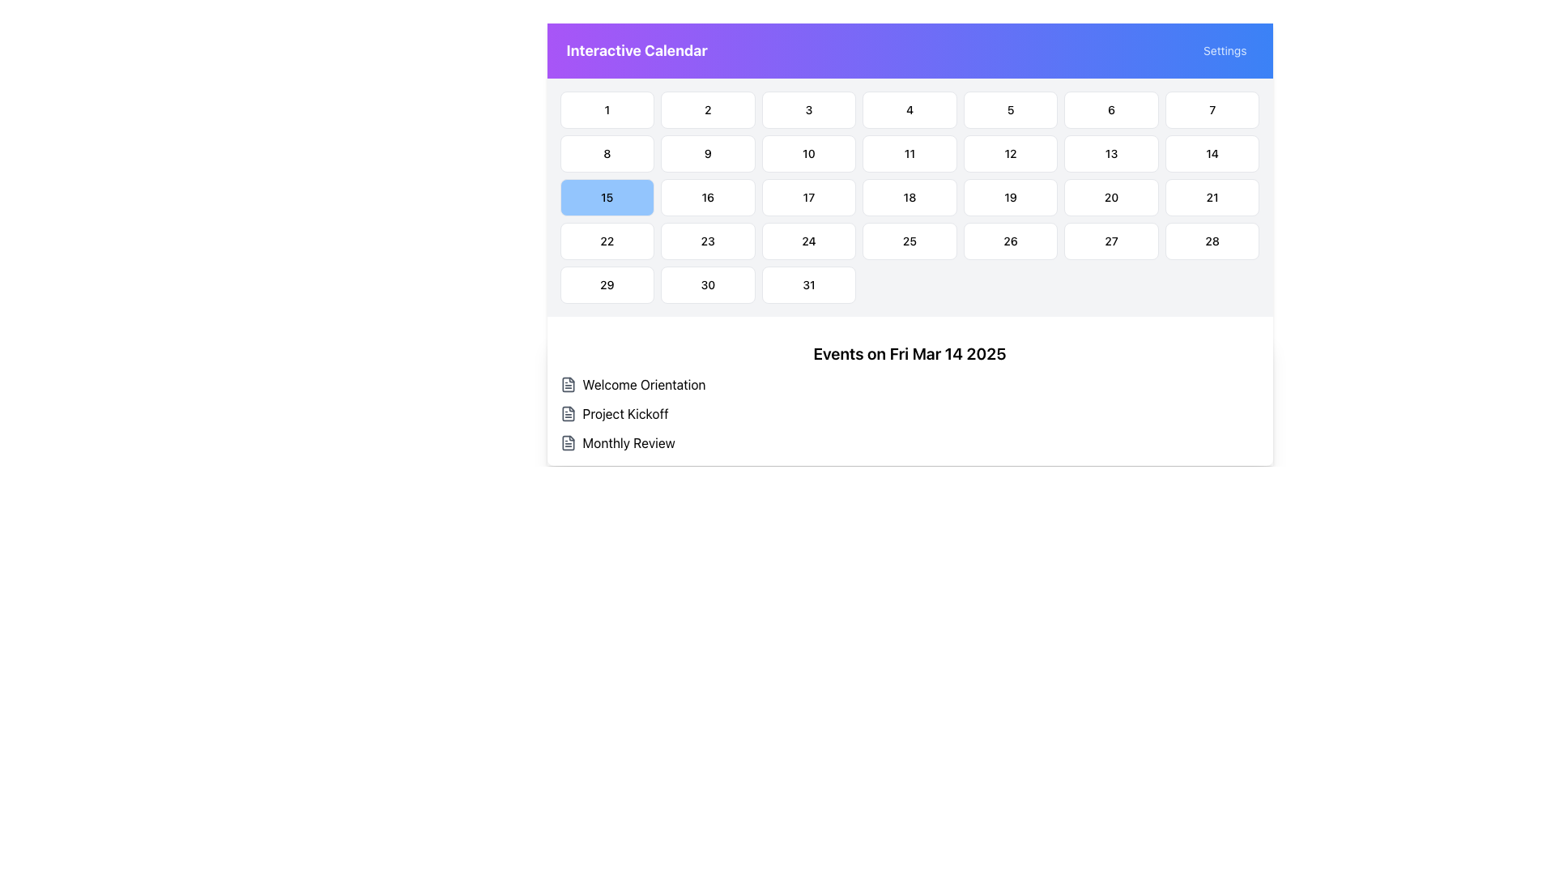 The width and height of the screenshot is (1555, 875). I want to click on the numeral '2' text label styled in a small-size font and medium-weight text, located in the first row, second tile of the calendar interface grid, so click(708, 109).